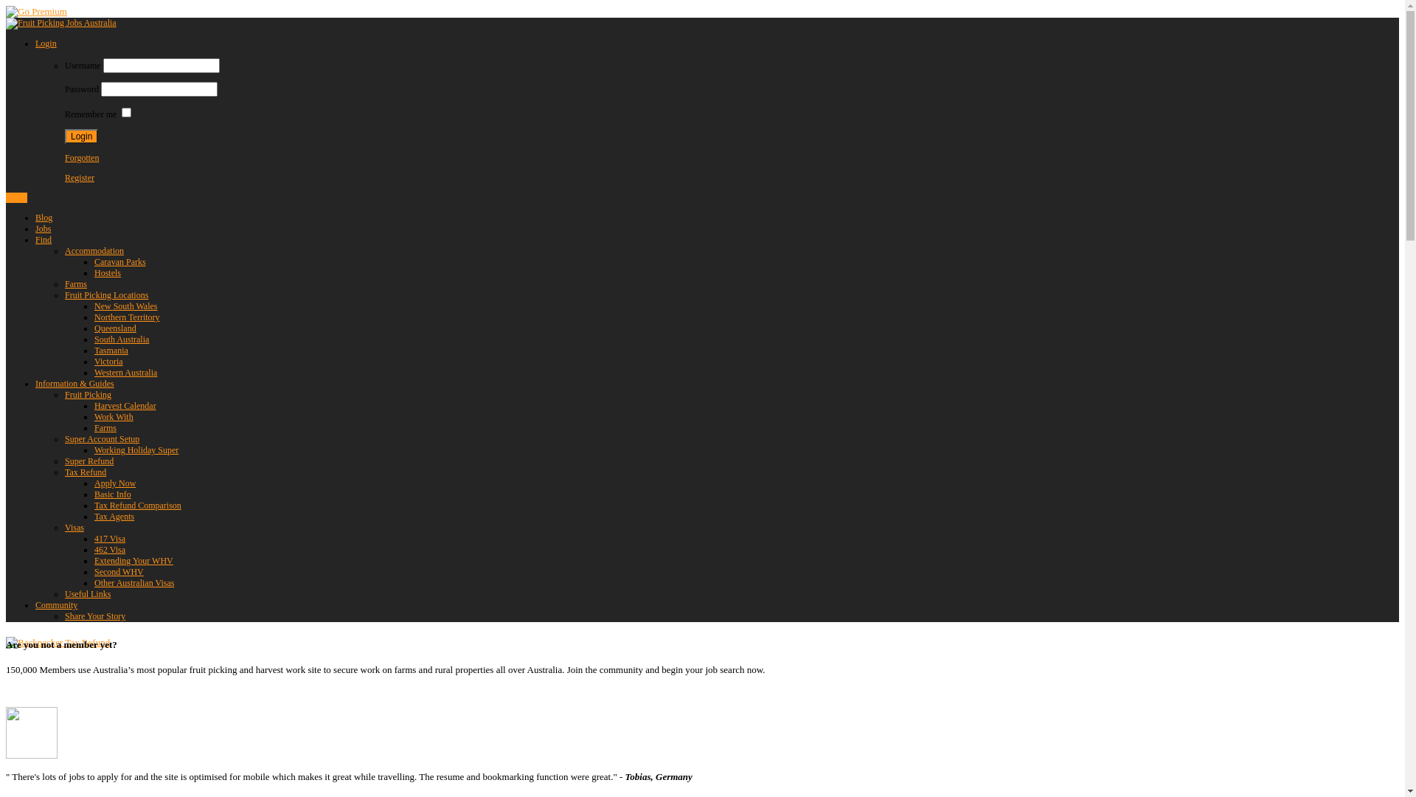 This screenshot has width=1416, height=797. What do you see at coordinates (125, 306) in the screenshot?
I see `'New South Wales'` at bounding box center [125, 306].